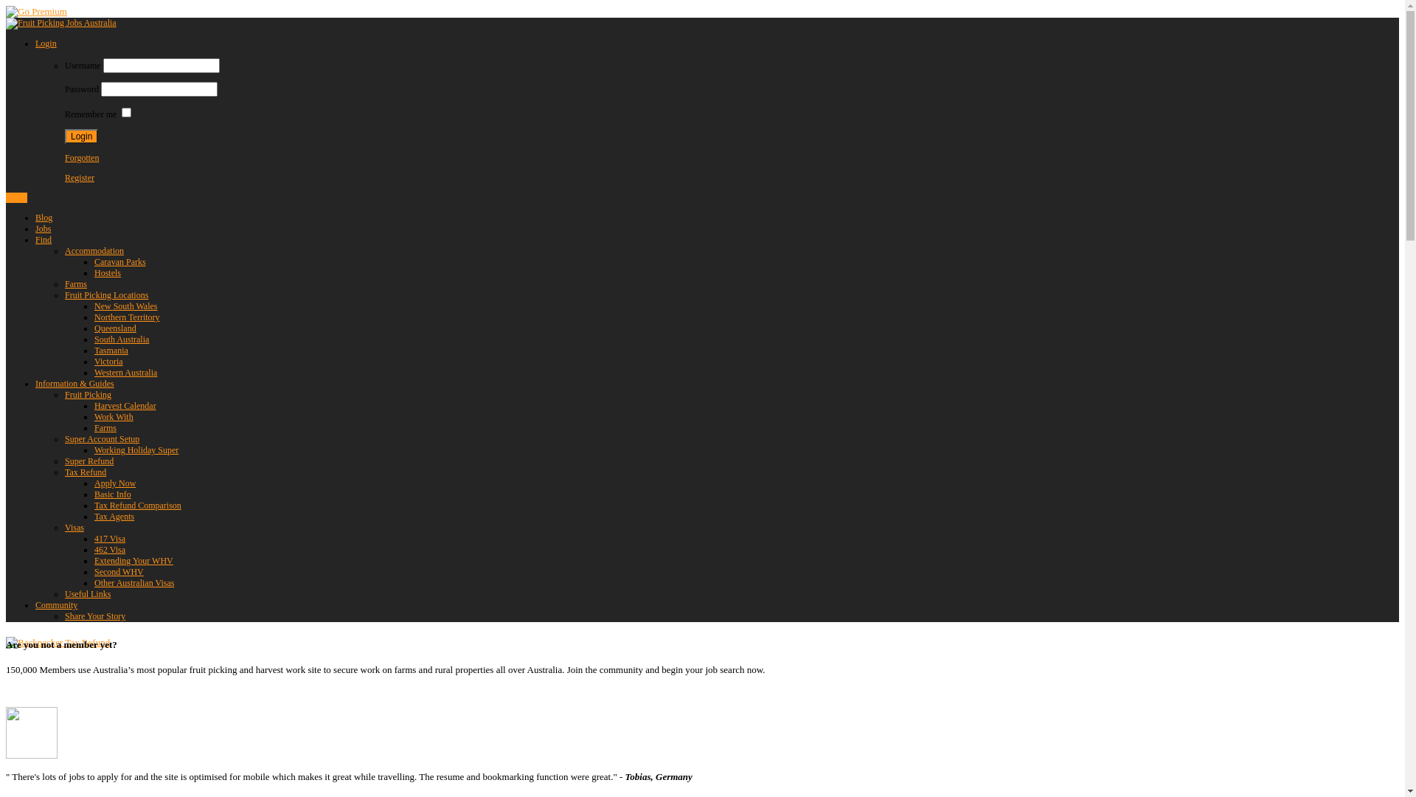 This screenshot has width=1416, height=797. What do you see at coordinates (125, 306) in the screenshot?
I see `'New South Wales'` at bounding box center [125, 306].